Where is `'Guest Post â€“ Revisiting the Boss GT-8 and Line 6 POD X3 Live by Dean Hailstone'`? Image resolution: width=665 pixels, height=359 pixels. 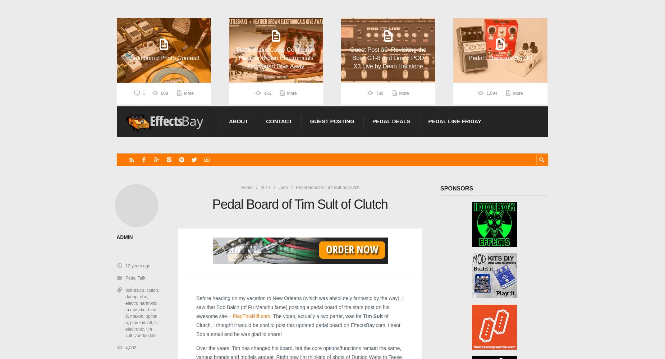 'Guest Post â€“ Revisiting the Boss GT-8 and Line 6 POD X3 Live by Dean Hailstone' is located at coordinates (387, 57).